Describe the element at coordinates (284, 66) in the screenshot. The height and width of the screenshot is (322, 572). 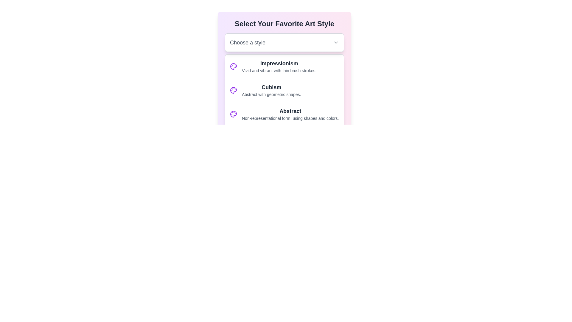
I see `the 'Impressionism' list item for selection` at that location.